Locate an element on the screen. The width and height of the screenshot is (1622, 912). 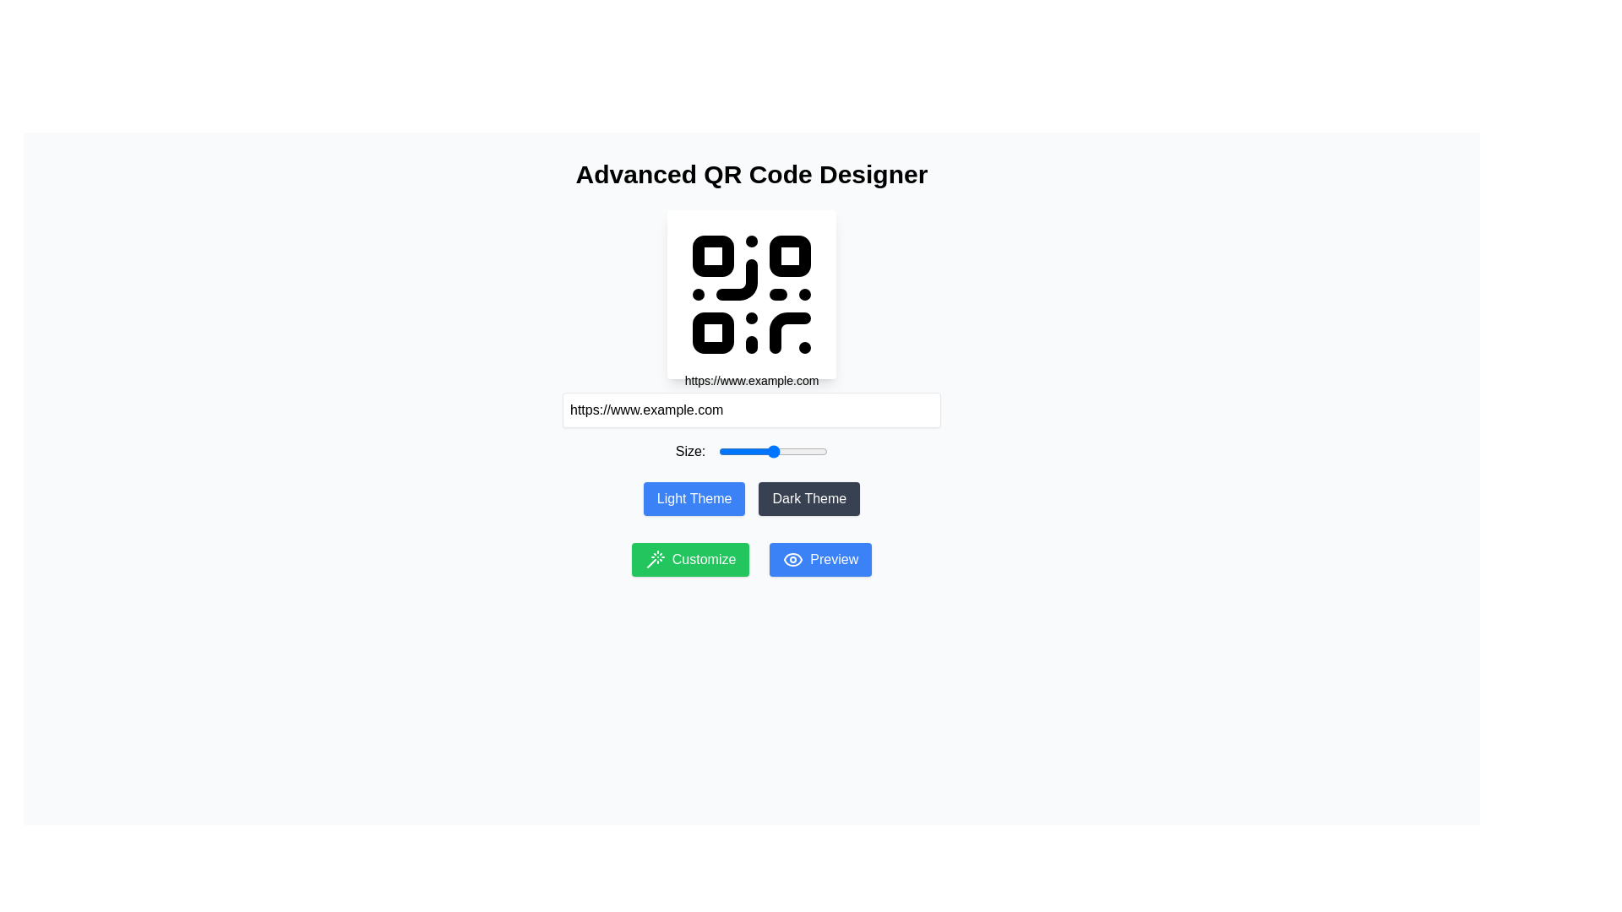
the green 'Customize' button with white text and a wand icon is located at coordinates (690, 560).